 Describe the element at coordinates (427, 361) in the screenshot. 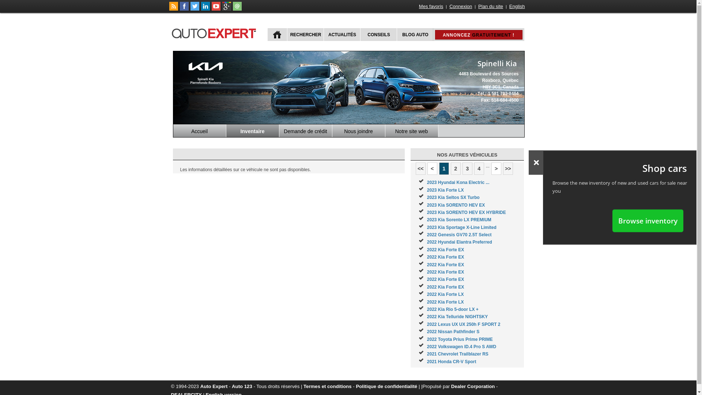

I see `'2021 Honda CR-V Sport'` at that location.